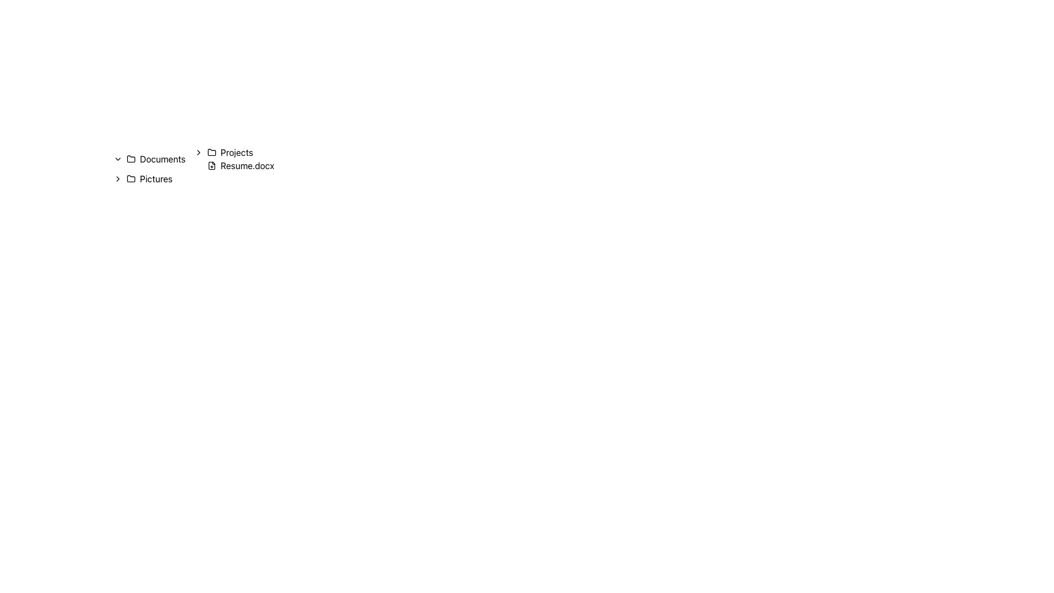 The width and height of the screenshot is (1054, 593). Describe the element at coordinates (229, 165) in the screenshot. I see `the 'Resume.docx' file entry, which is a text label with a document icon, located under the 'Projects' directory` at that location.